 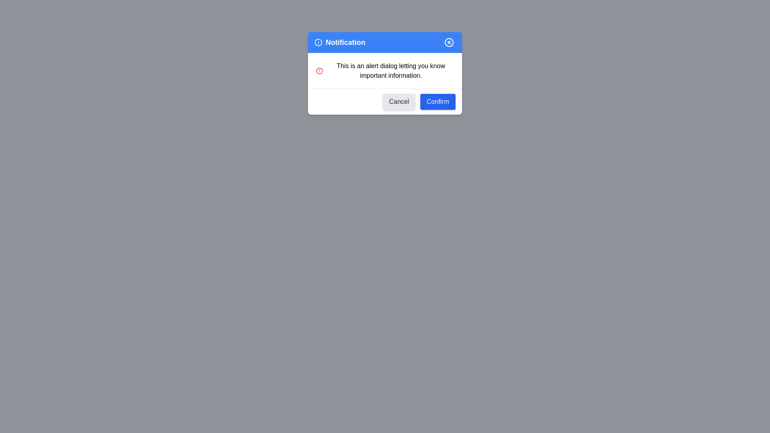 I want to click on the text area displaying the alert message 'This is an alert dialog letting you know important information.' which is centrally located below the 'Notification' header and above the 'Cancel' and 'Confirm' buttons, so click(x=385, y=71).